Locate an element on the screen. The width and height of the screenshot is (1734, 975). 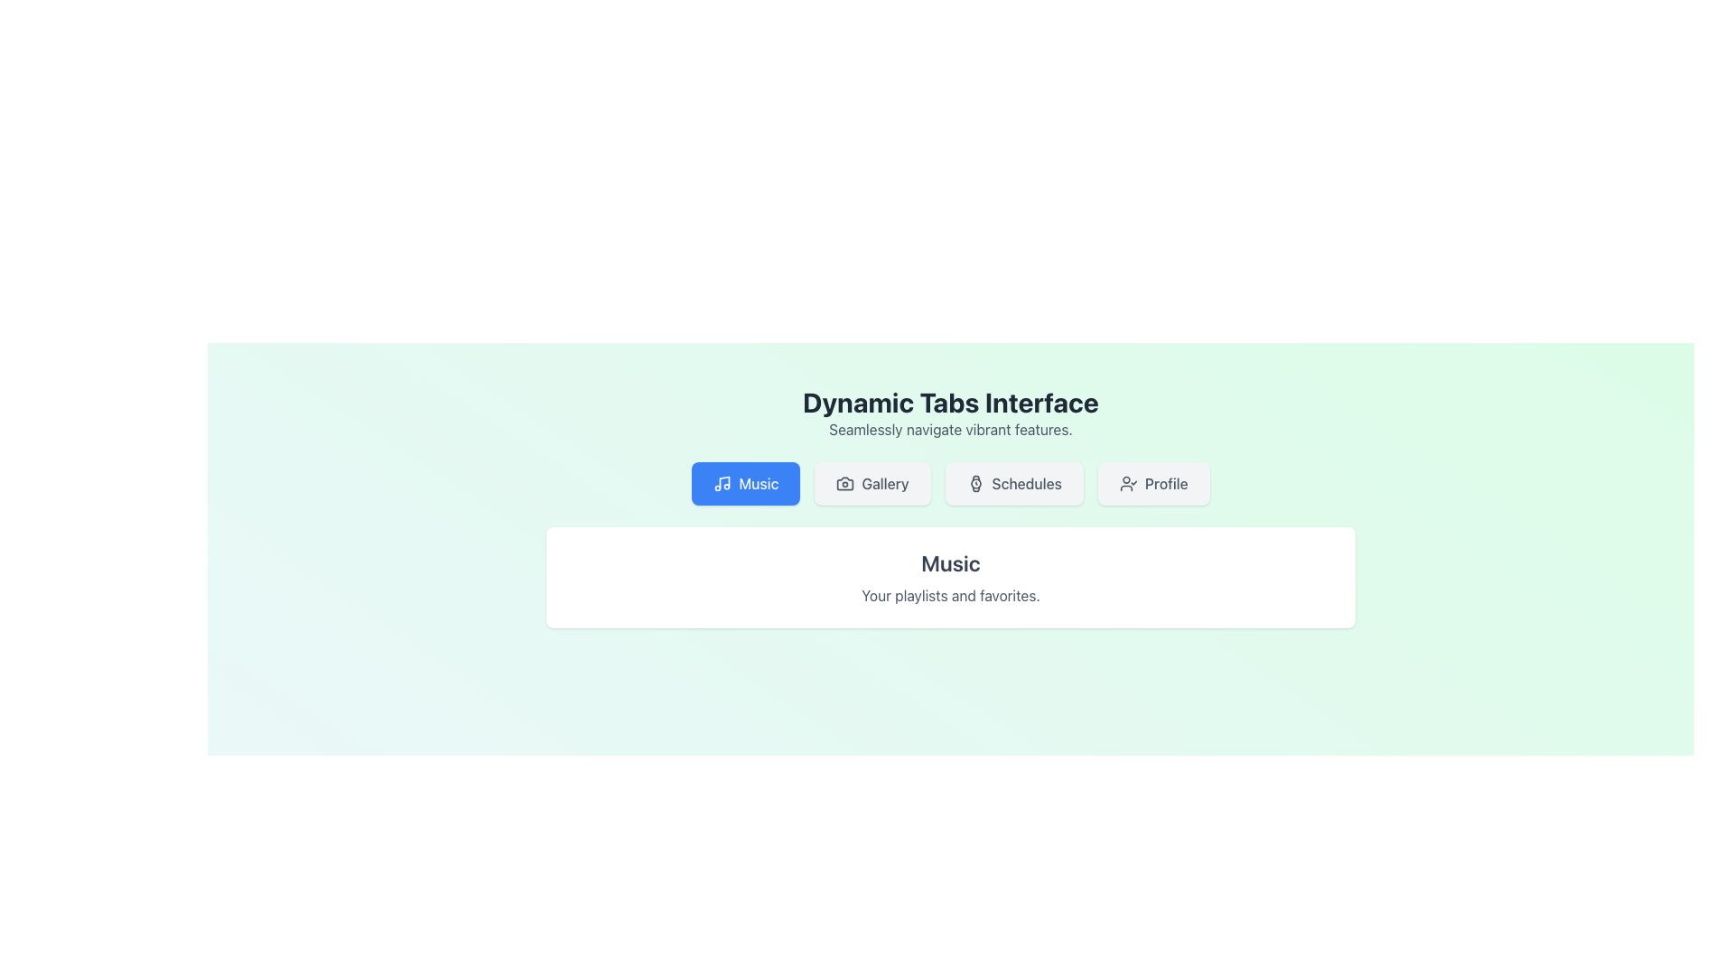
the minimalist camera icon located within the 'Gallery' button for a context menu is located at coordinates (844, 483).